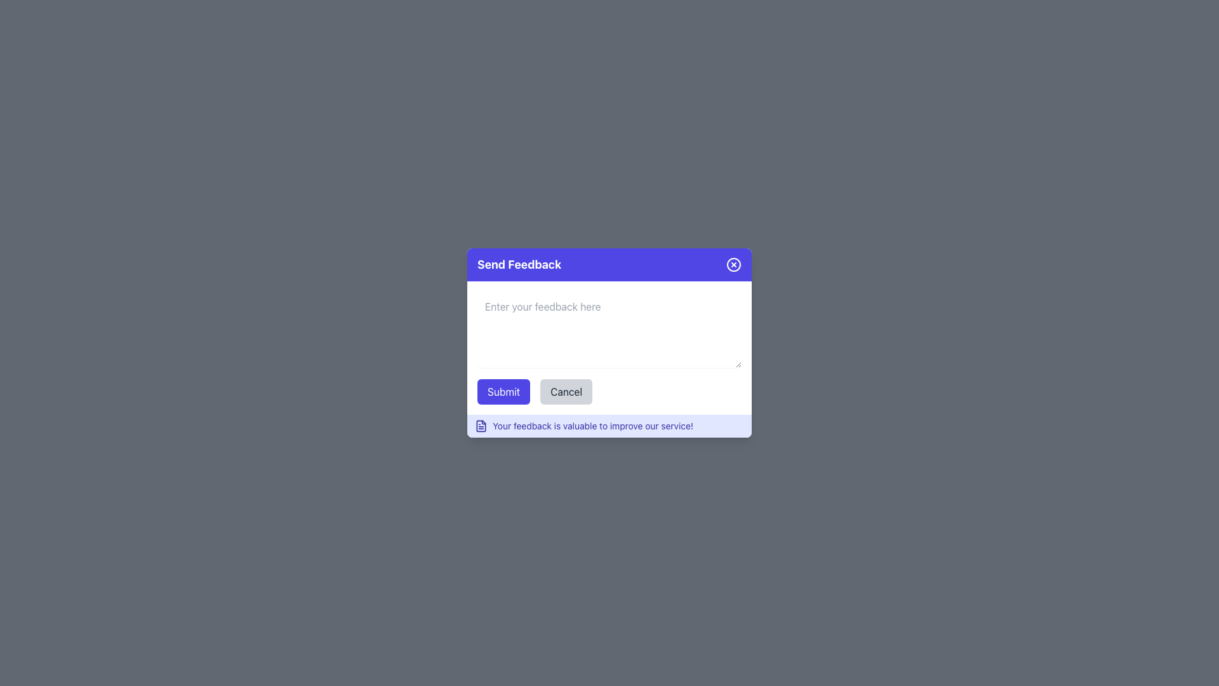 This screenshot has width=1219, height=686. I want to click on the 'Cancel' button located at the bottom-right of the feedback form modal, so click(566, 391).